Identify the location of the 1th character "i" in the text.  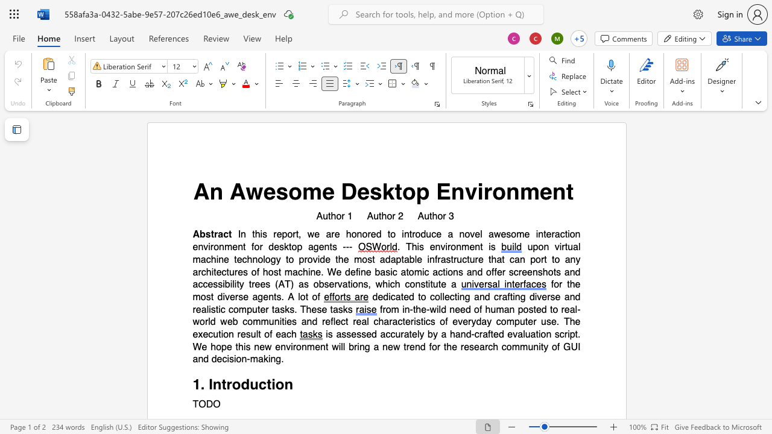
(291, 347).